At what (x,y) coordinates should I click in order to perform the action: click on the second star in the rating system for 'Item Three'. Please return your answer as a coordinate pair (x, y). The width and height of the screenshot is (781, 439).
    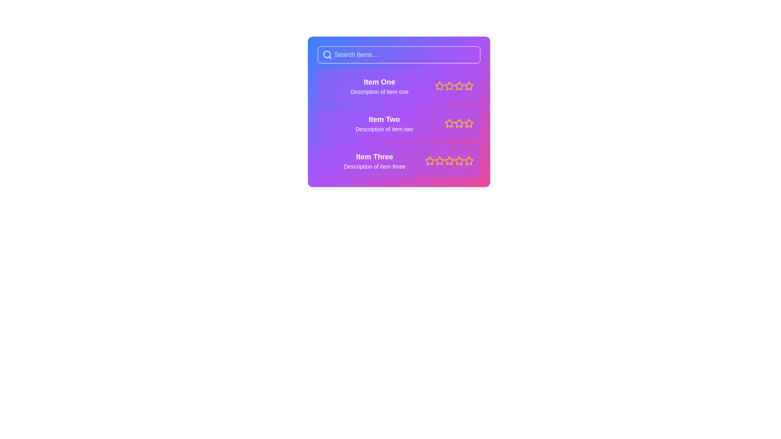
    Looking at the image, I should click on (449, 161).